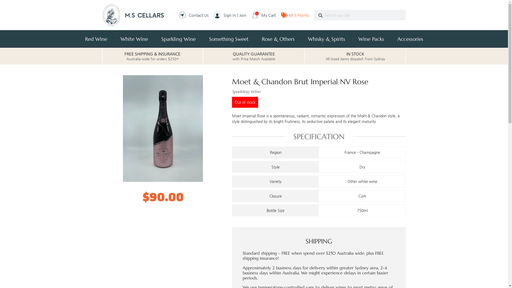  I want to click on 'Whisky & Spirits', so click(326, 39).